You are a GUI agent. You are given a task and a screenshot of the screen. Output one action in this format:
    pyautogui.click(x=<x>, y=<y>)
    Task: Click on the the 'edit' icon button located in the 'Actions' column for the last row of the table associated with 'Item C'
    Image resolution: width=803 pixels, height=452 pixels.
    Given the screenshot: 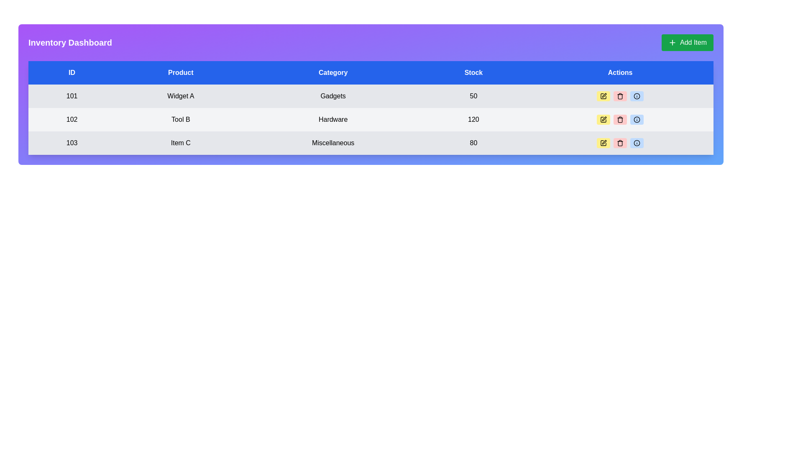 What is the action you would take?
    pyautogui.click(x=604, y=141)
    